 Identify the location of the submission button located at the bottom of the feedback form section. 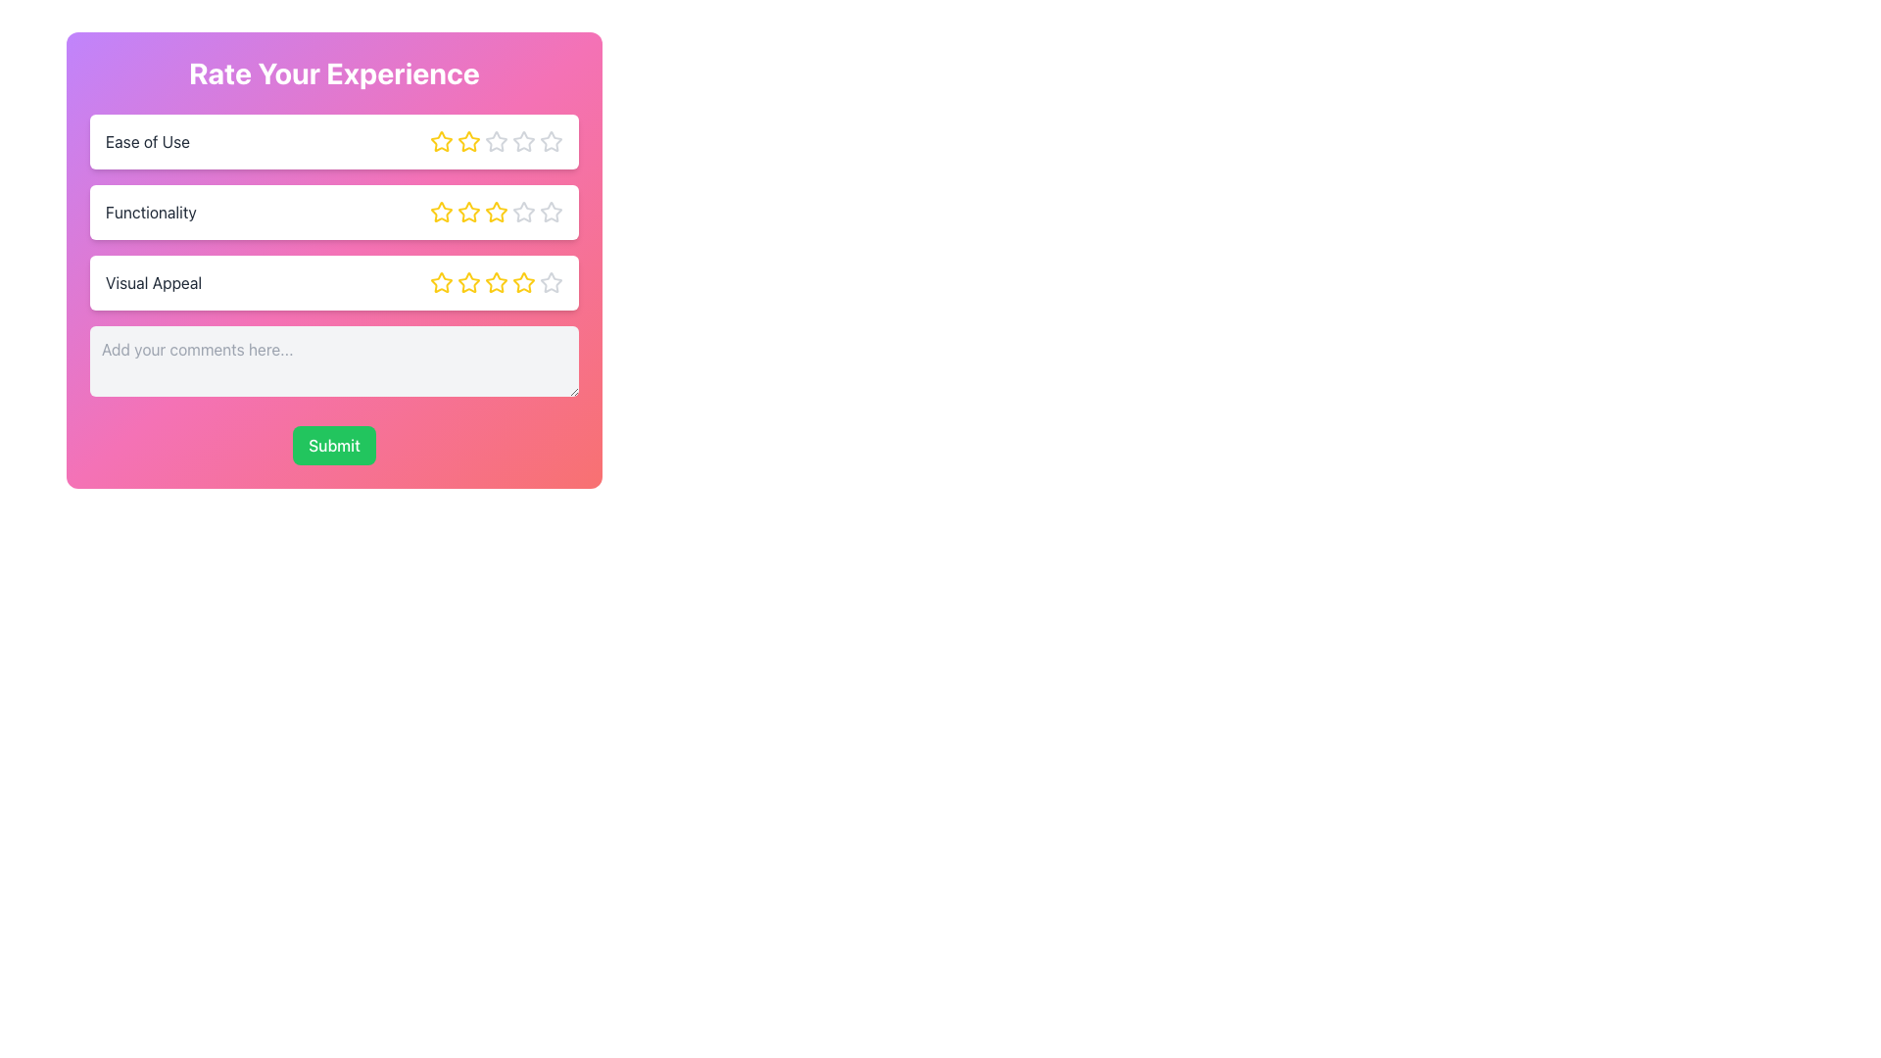
(334, 446).